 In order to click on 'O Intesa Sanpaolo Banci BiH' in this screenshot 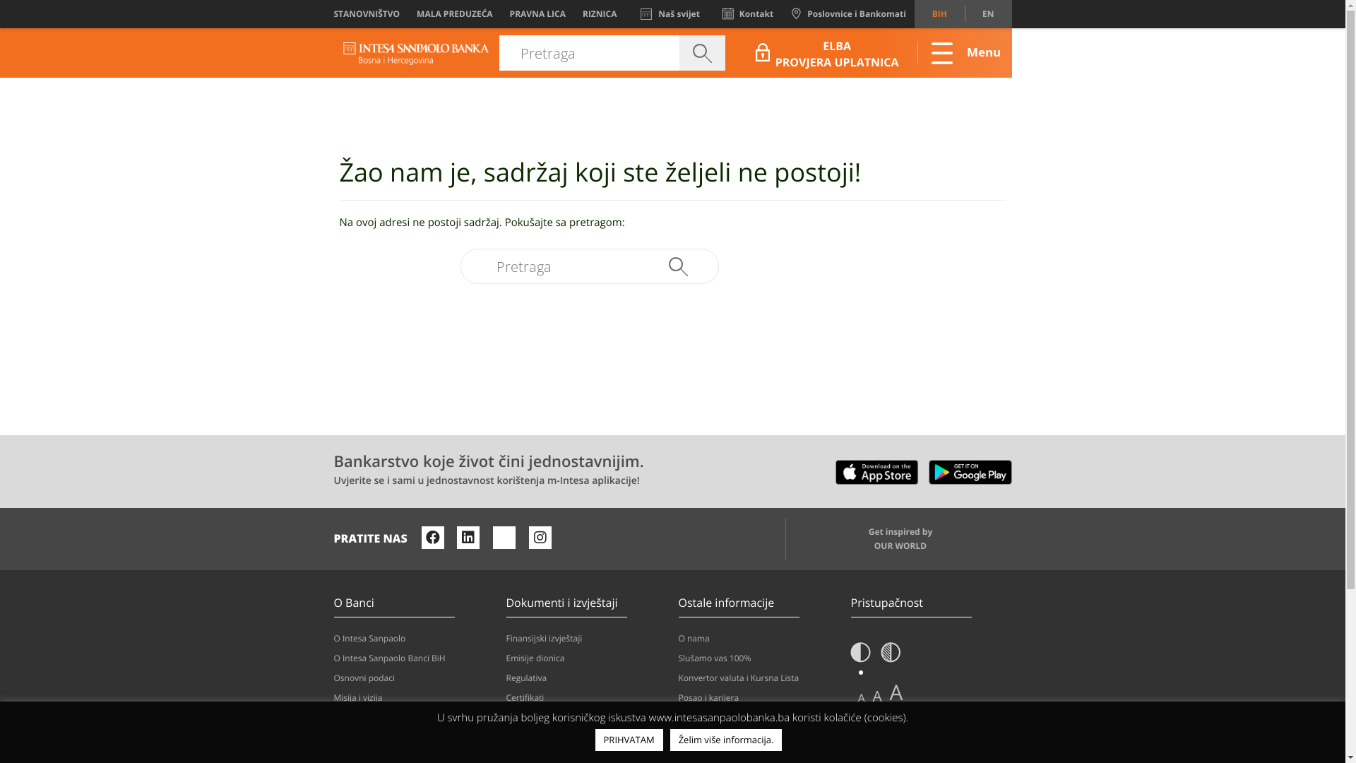, I will do `click(412, 658)`.